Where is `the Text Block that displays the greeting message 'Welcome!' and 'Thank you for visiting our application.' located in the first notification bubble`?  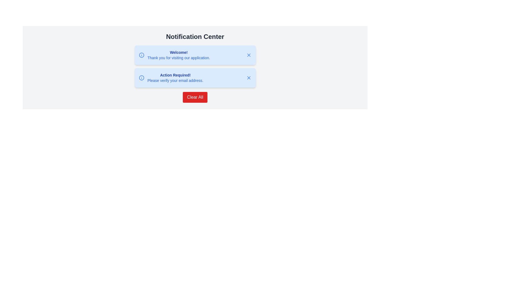 the Text Block that displays the greeting message 'Welcome!' and 'Thank you for visiting our application.' located in the first notification bubble is located at coordinates (179, 55).